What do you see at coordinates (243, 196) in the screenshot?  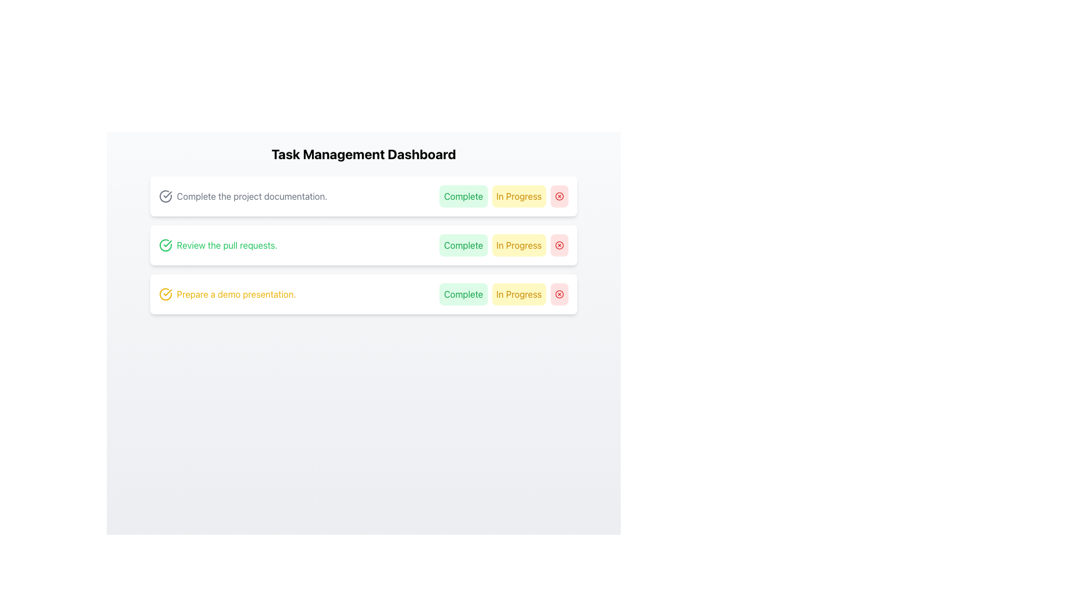 I see `the task title text with icon located in the first task card at the top of the task list` at bounding box center [243, 196].